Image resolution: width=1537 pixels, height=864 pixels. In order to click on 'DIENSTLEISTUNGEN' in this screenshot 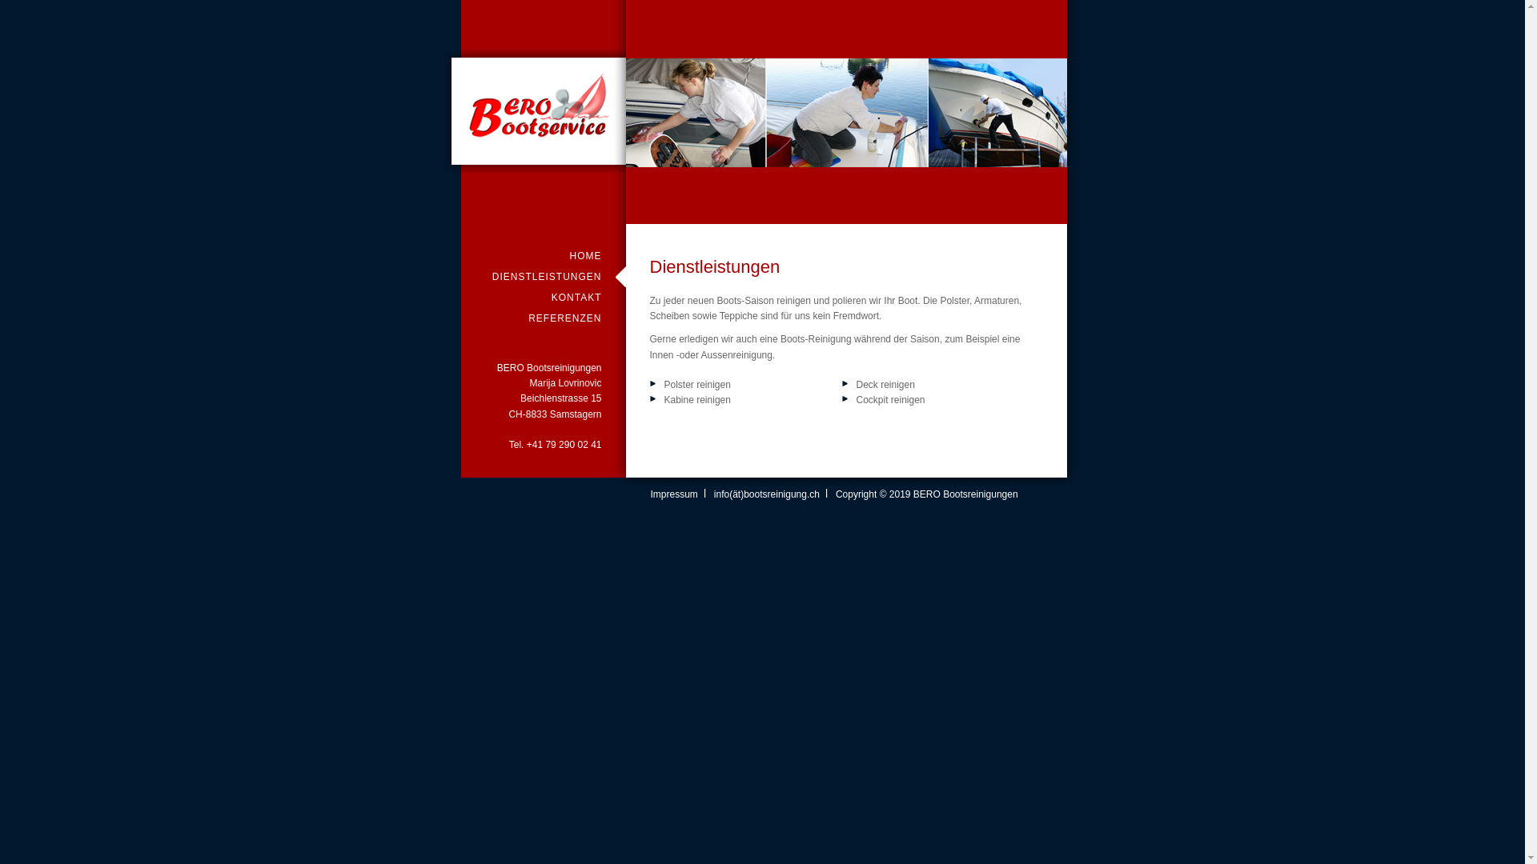, I will do `click(543, 276)`.